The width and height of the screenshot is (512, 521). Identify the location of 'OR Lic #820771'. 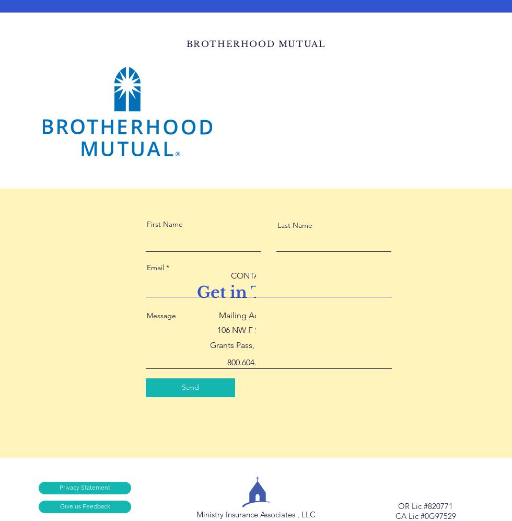
(425, 505).